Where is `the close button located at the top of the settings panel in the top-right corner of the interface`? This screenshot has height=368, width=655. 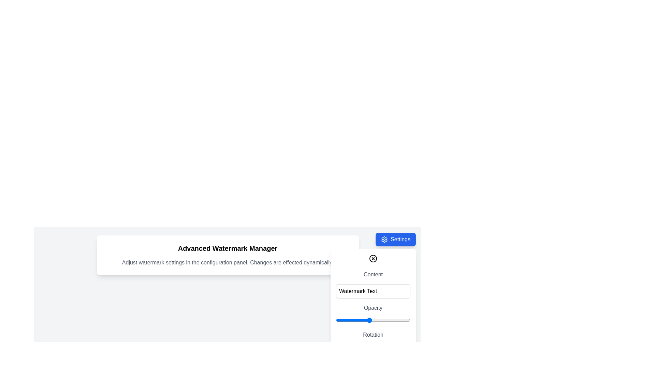 the close button located at the top of the settings panel in the top-right corner of the interface is located at coordinates (373, 259).